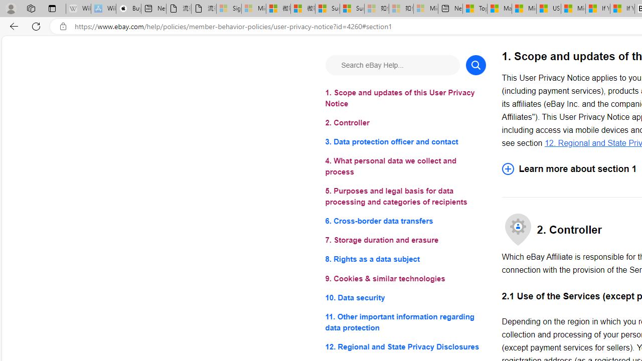 The width and height of the screenshot is (642, 361). I want to click on '2. Controller', so click(405, 122).